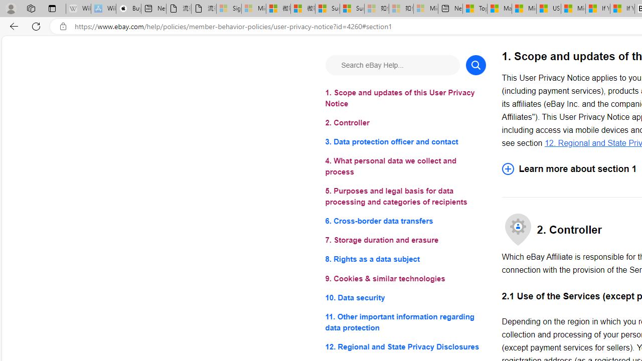 The width and height of the screenshot is (642, 361). I want to click on '2. Controller', so click(405, 122).